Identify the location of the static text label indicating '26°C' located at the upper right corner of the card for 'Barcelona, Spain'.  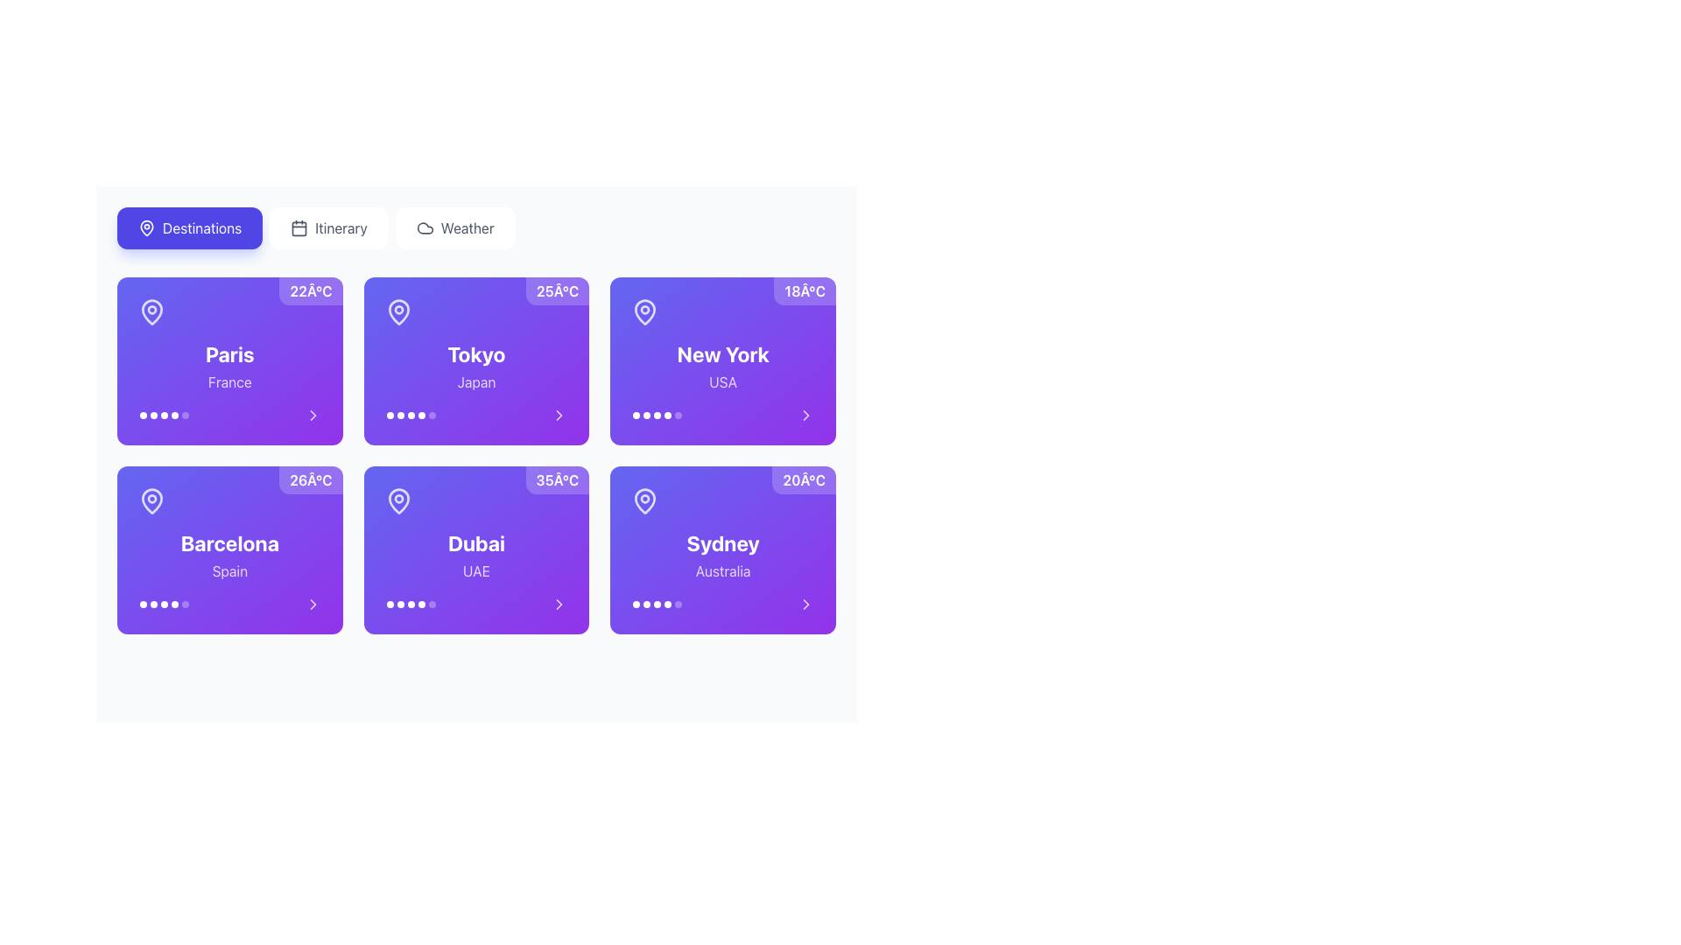
(311, 479).